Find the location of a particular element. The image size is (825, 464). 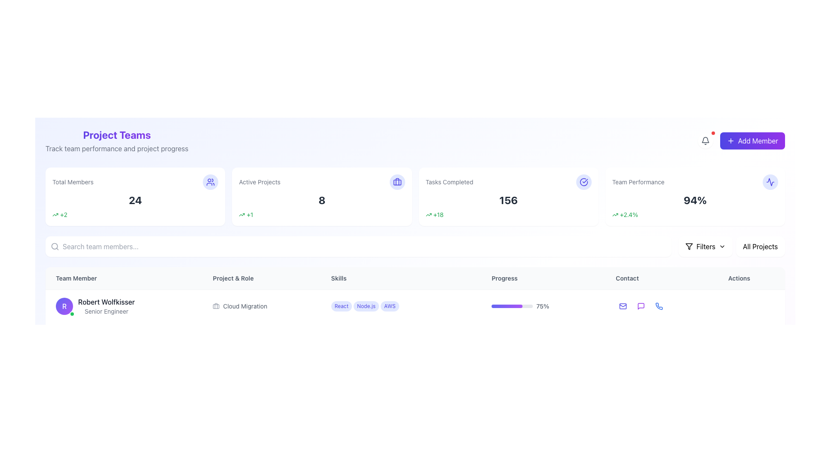

the green upward trending arrow icon indicating a positive change of 1 project in the 'Active Projects' card, located in the bottom left corner of the card is located at coordinates (241, 214).